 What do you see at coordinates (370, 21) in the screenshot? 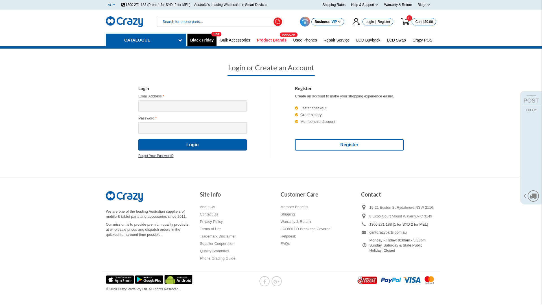
I see `'Login'` at bounding box center [370, 21].